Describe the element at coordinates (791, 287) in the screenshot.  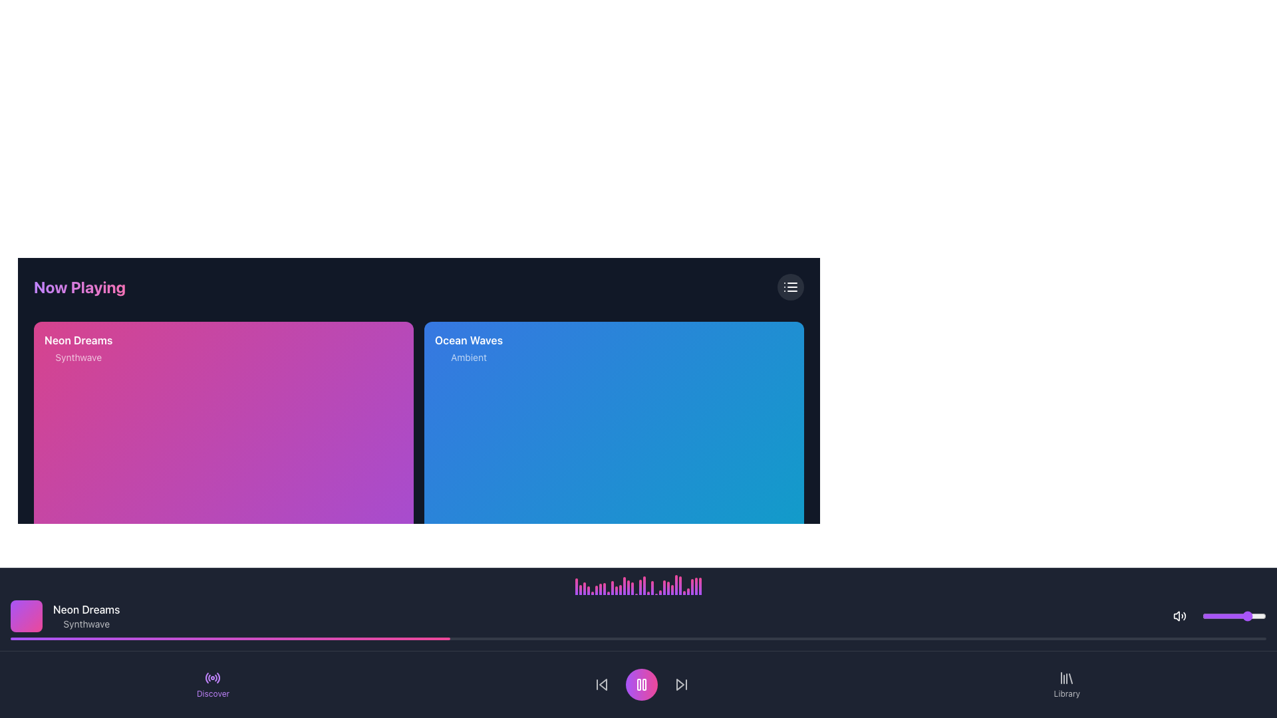
I see `the circular button with a dark background and a horizontal list icon located in the top-right corner of the 'Now Playing' section` at that location.